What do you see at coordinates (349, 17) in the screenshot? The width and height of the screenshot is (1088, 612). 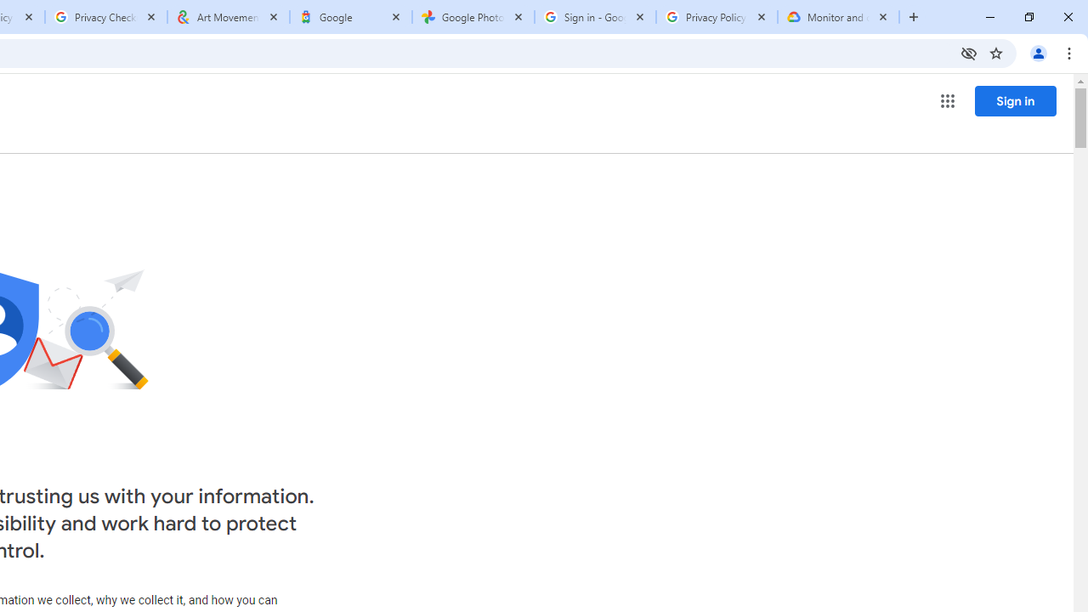 I see `'Google'` at bounding box center [349, 17].